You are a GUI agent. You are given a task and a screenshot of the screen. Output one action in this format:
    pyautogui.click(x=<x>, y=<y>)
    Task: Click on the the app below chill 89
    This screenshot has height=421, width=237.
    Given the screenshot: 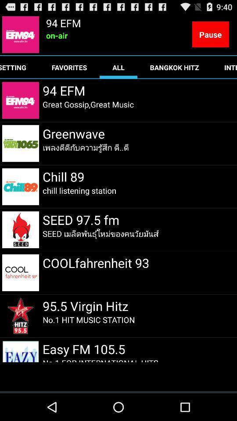 What is the action you would take?
    pyautogui.click(x=79, y=190)
    